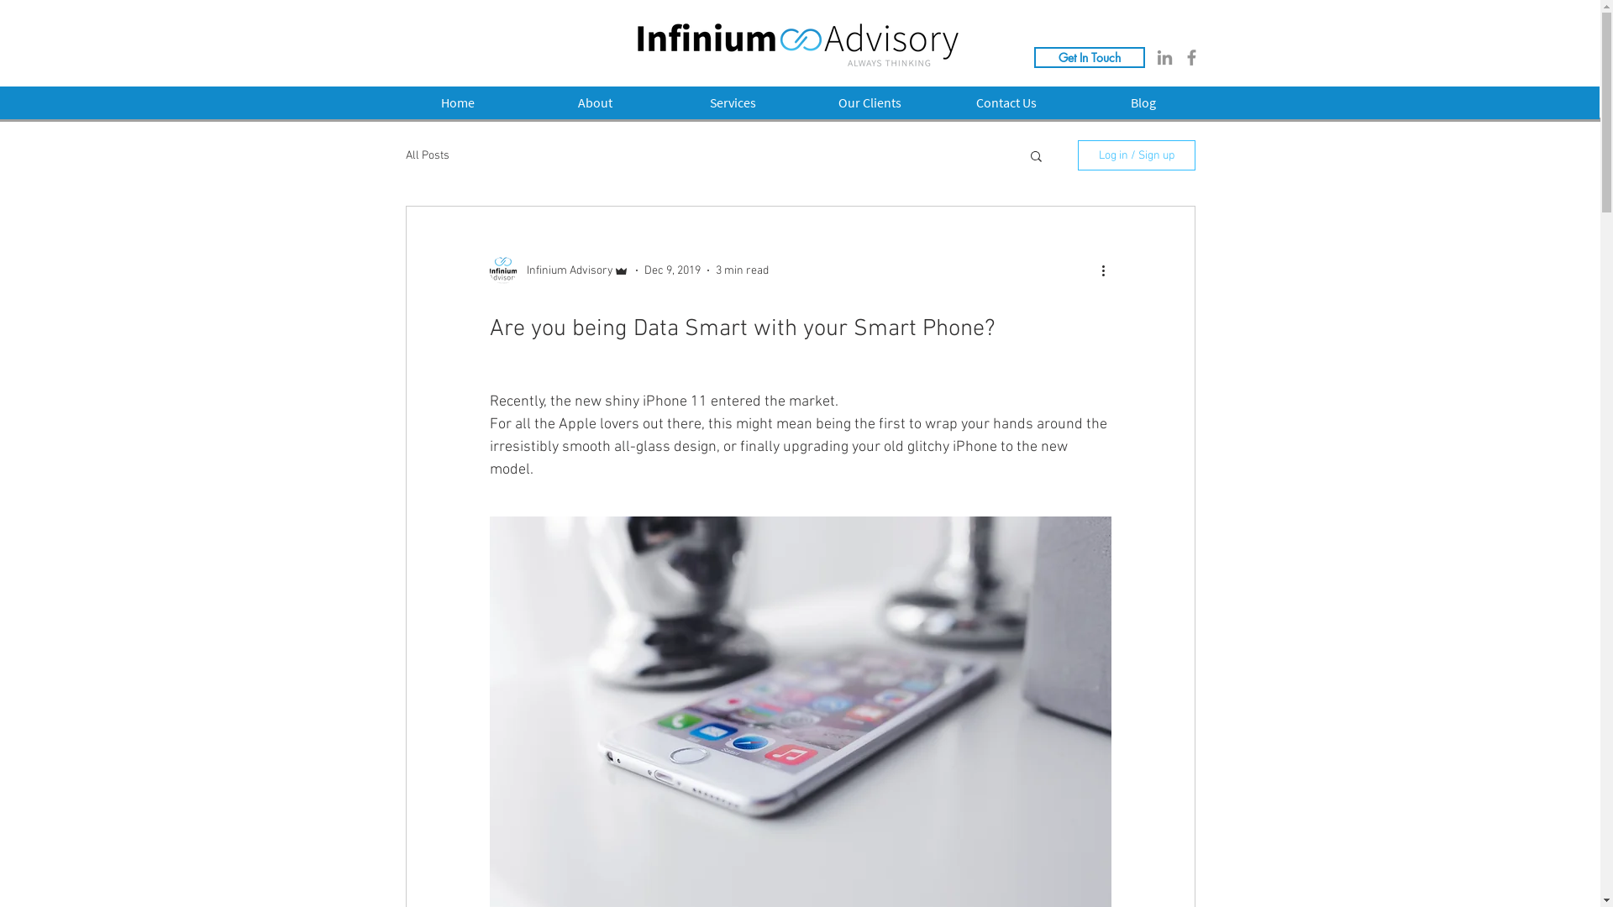 The height and width of the screenshot is (907, 1613). I want to click on 'Blog', so click(1075, 102).